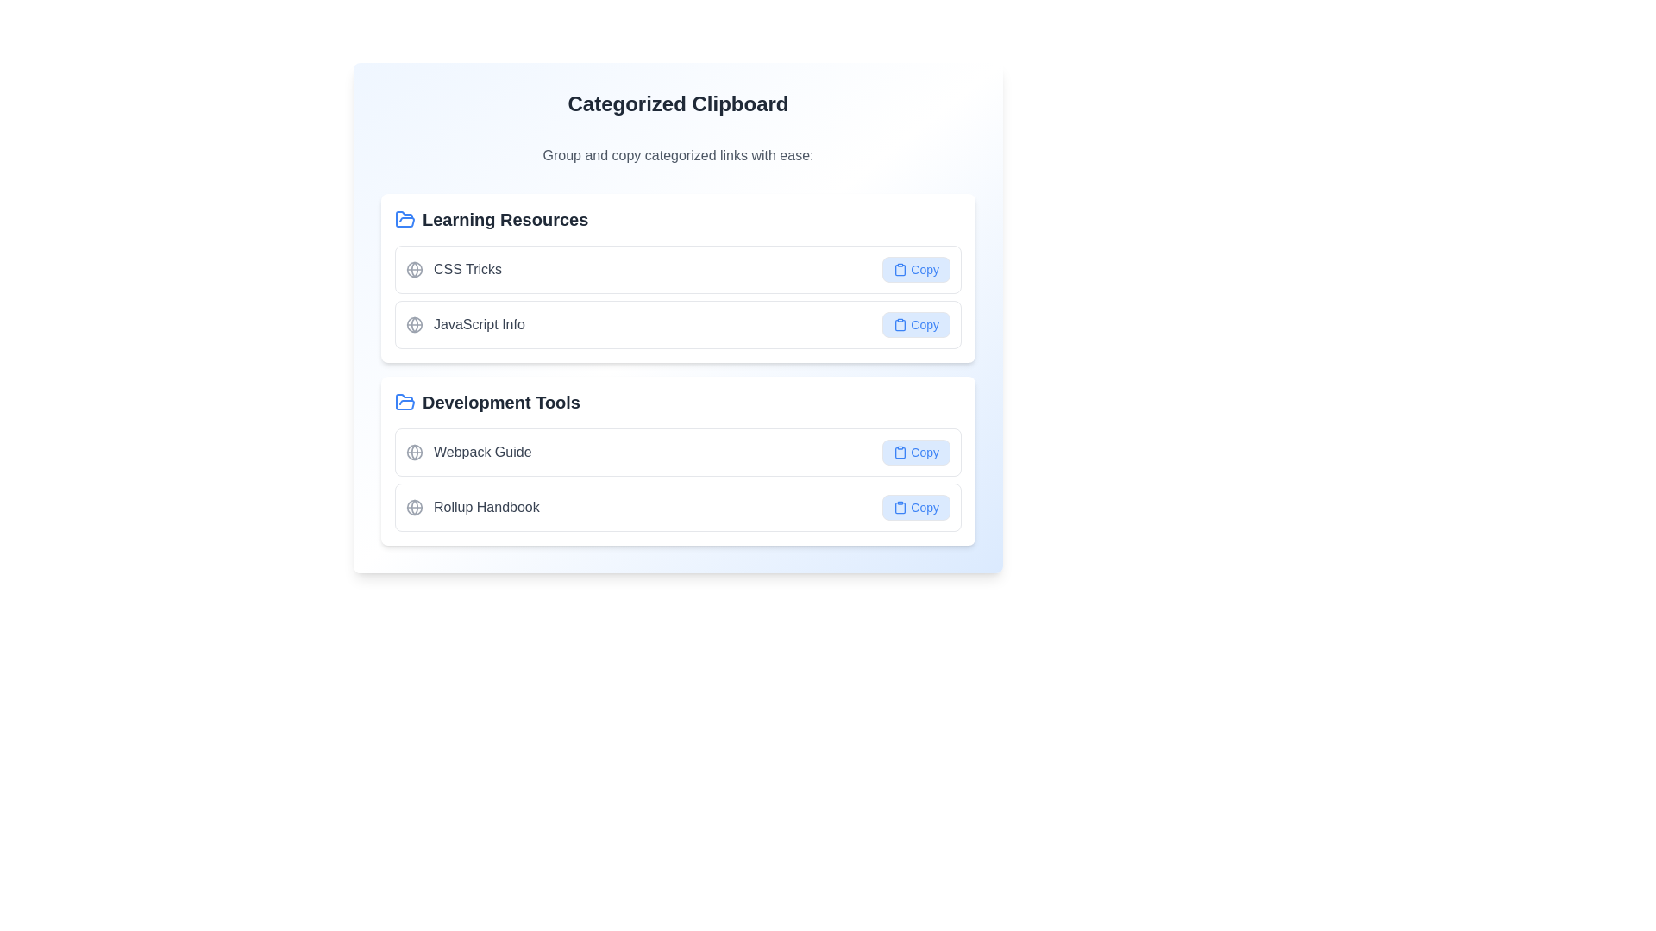  Describe the element at coordinates (473, 507) in the screenshot. I see `the 'Rollup Handbook' link, which consists of a globe icon and a text label, located in the 'Development Tools' section under 'Categorized Clipboard'` at that location.